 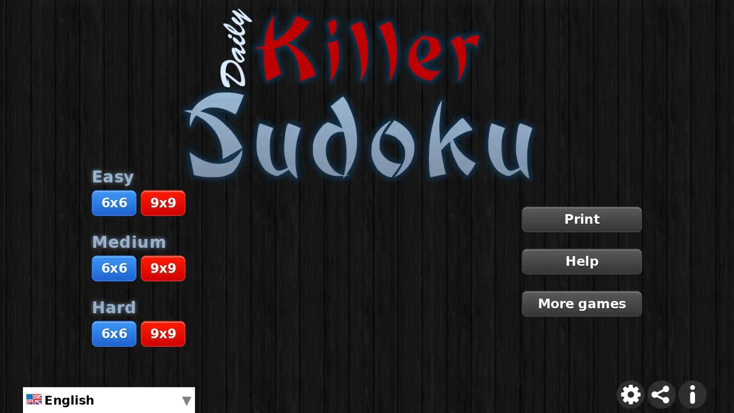 I want to click on Help, so click(x=581, y=261).